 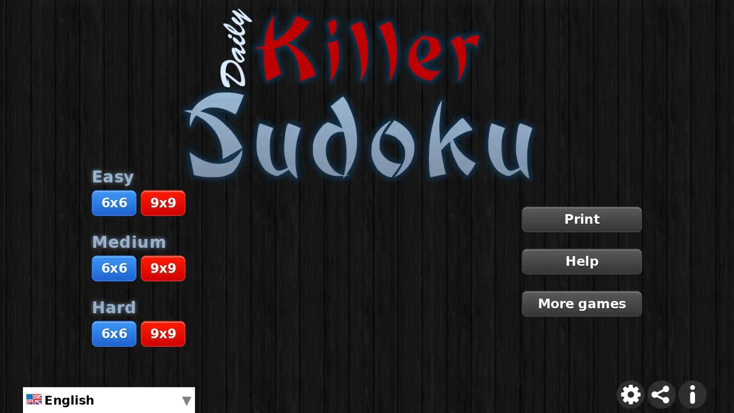 I want to click on Help, so click(x=581, y=261).